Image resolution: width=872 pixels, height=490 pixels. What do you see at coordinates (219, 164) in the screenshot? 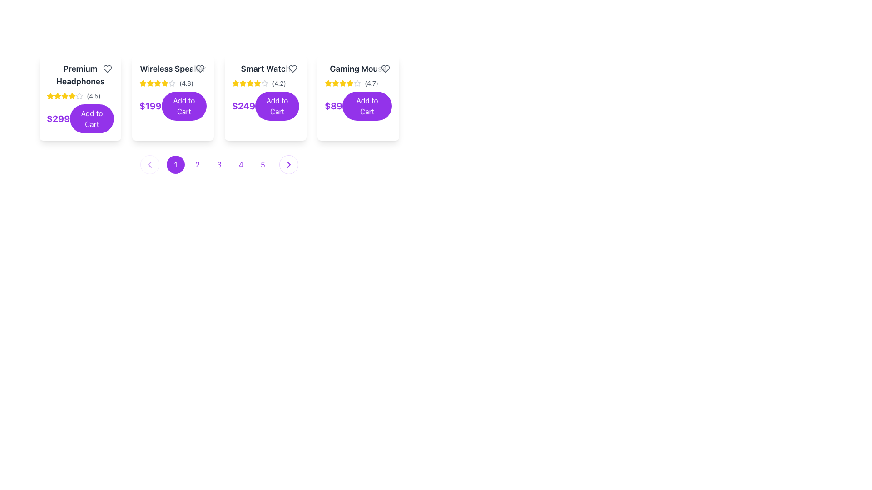
I see `the third page selection button in the pagination control` at bounding box center [219, 164].